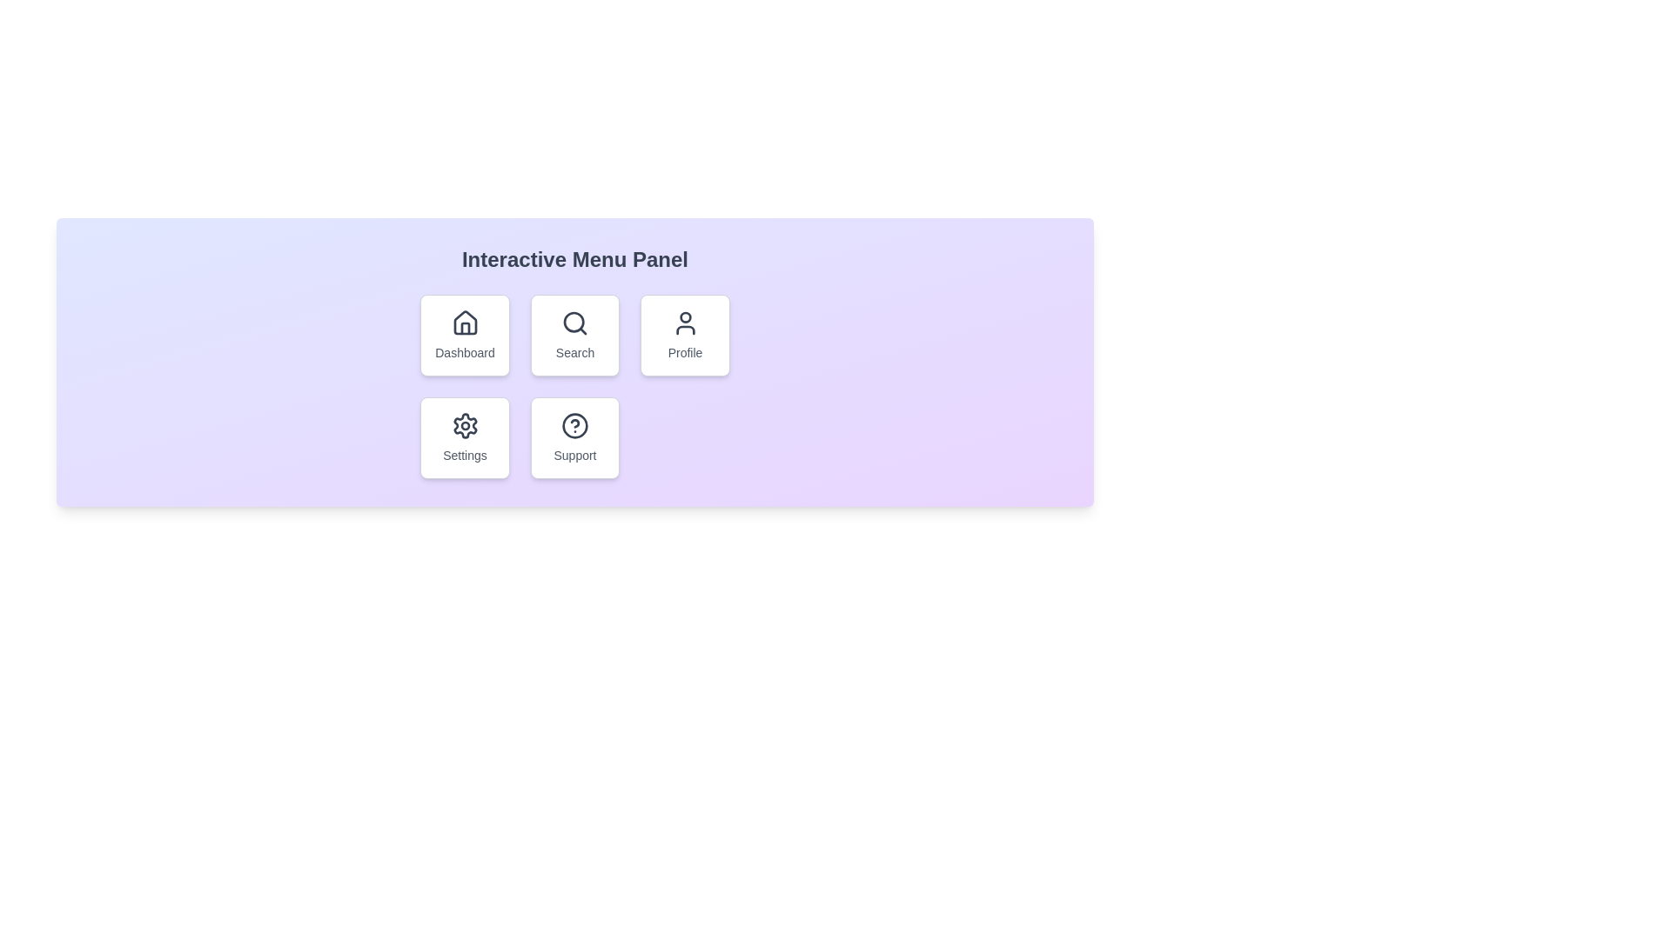 Image resolution: width=1671 pixels, height=939 pixels. I want to click on the support button located in the bottom row, center column of the grid layout, so click(575, 437).